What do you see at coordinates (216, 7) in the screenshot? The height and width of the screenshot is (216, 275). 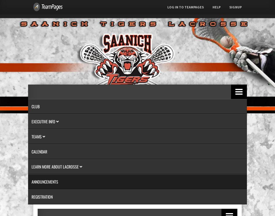 I see `'Help'` at bounding box center [216, 7].